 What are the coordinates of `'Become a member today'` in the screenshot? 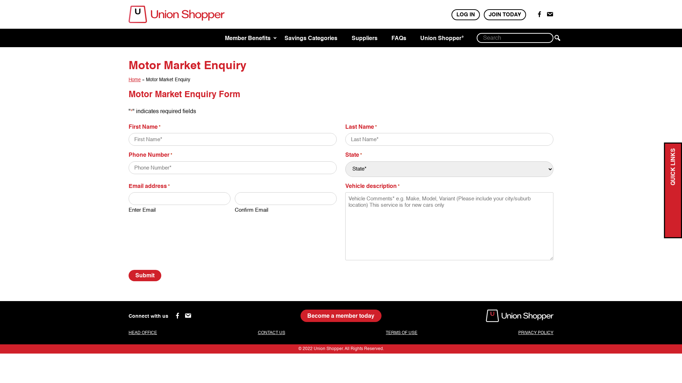 It's located at (340, 315).